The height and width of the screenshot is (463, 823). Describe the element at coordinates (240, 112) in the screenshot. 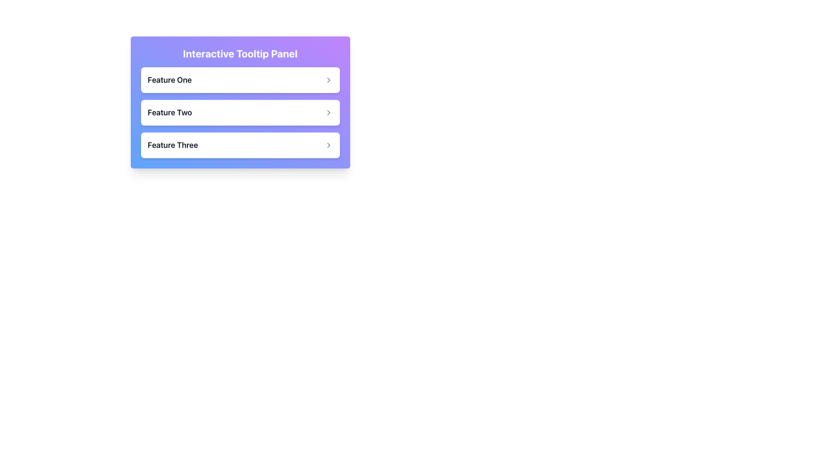

I see `the card-like UI element labeled 'Feature Two'` at that location.